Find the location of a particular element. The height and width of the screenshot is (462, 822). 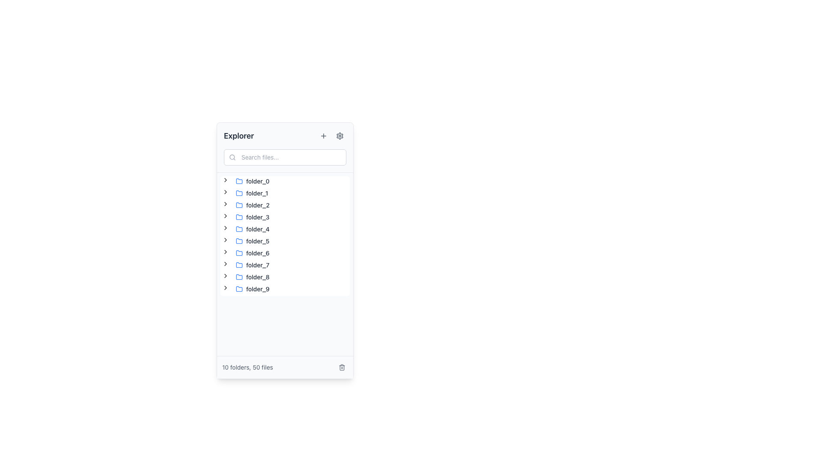

the list item representing the folder named 'folder_6' is located at coordinates (252, 252).